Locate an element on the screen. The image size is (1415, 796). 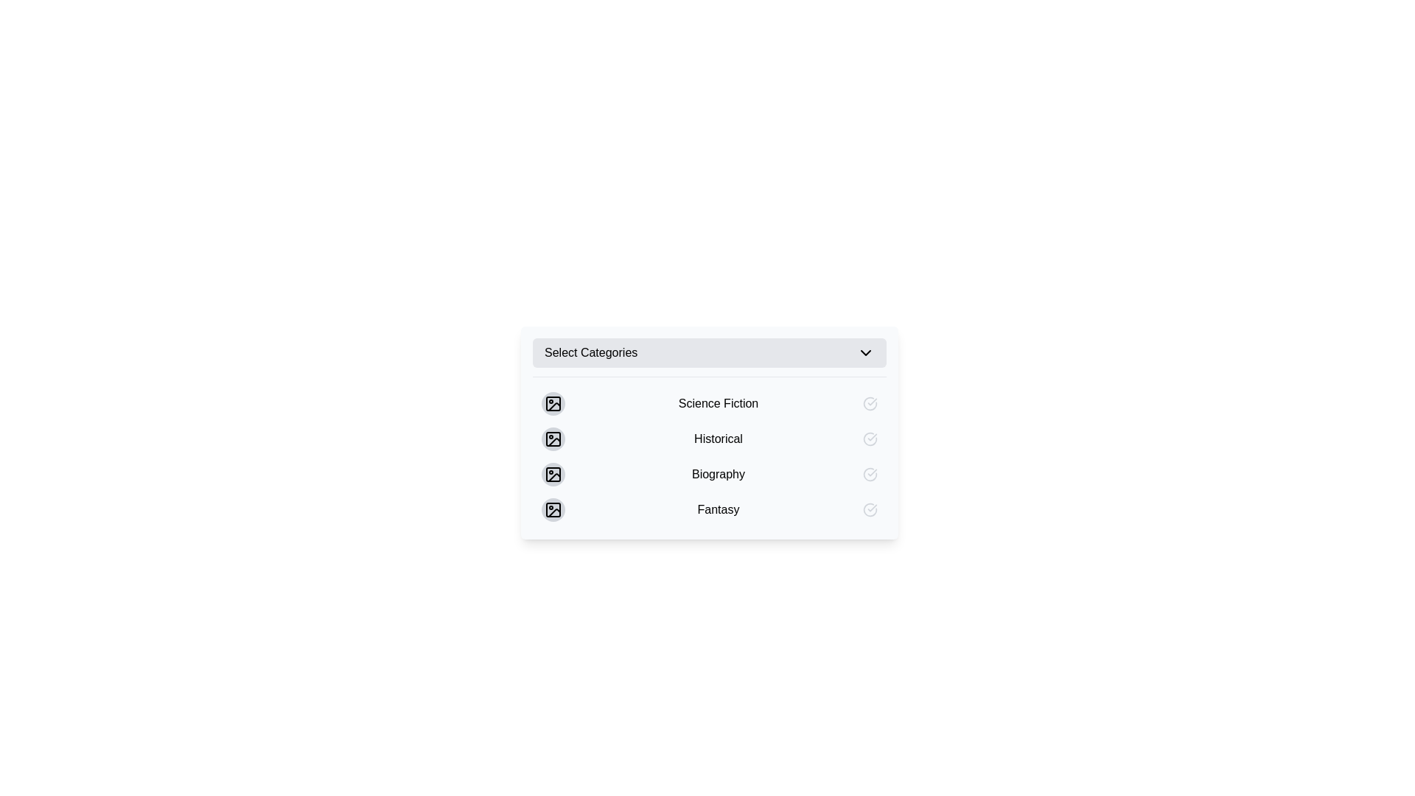
the circular icon button with a gray background and a black and white image icon, located to the left of the 'Science Fiction' text in the category selection list is located at coordinates (552, 403).